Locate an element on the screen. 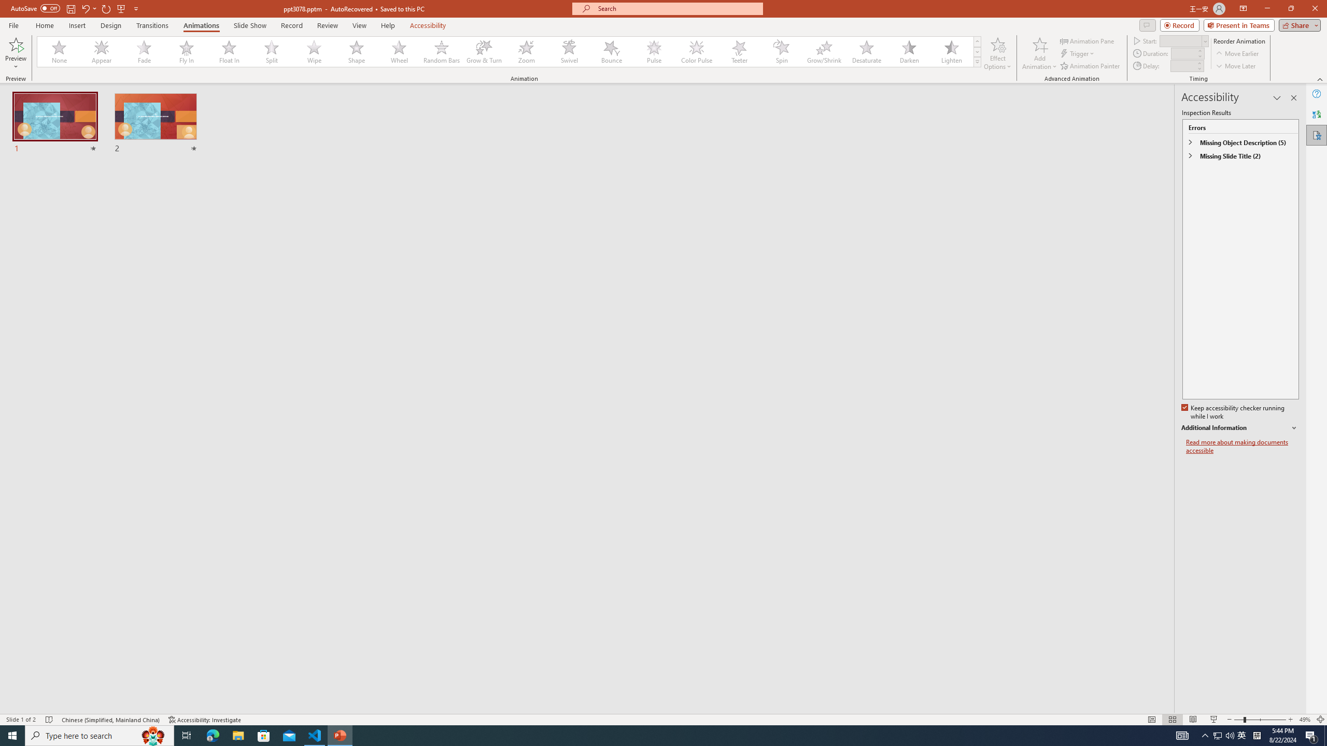  'Fly In' is located at coordinates (186, 51).